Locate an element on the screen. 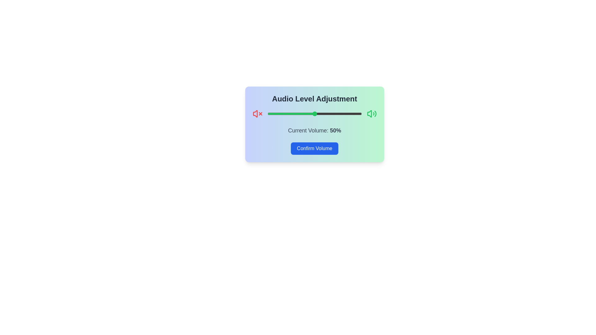 The height and width of the screenshot is (335, 596). the volume slider to set the volume to 59% is located at coordinates (323, 114).